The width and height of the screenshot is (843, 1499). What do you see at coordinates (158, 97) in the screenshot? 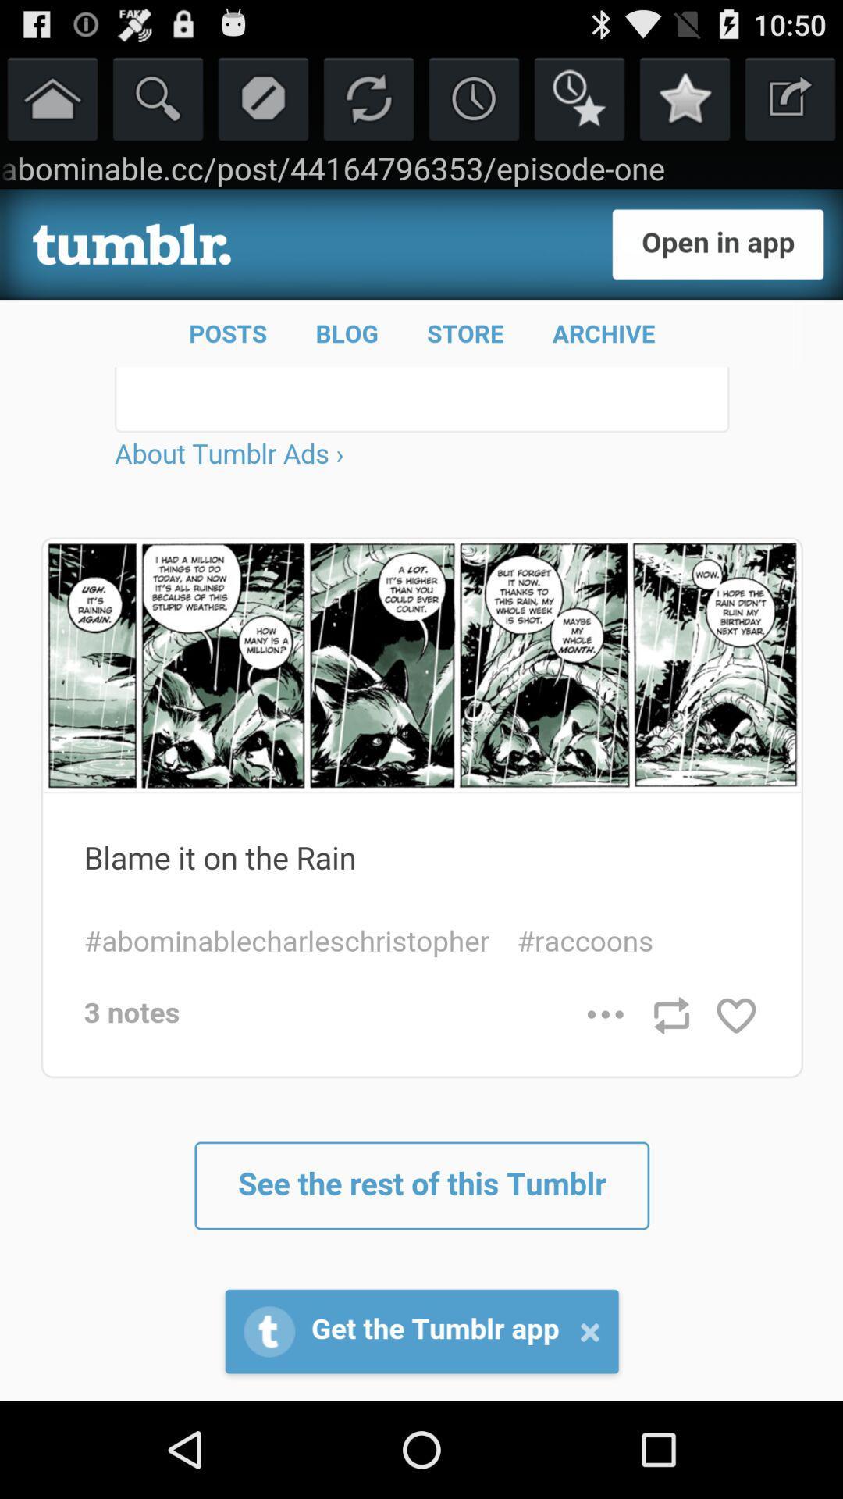
I see `search` at bounding box center [158, 97].